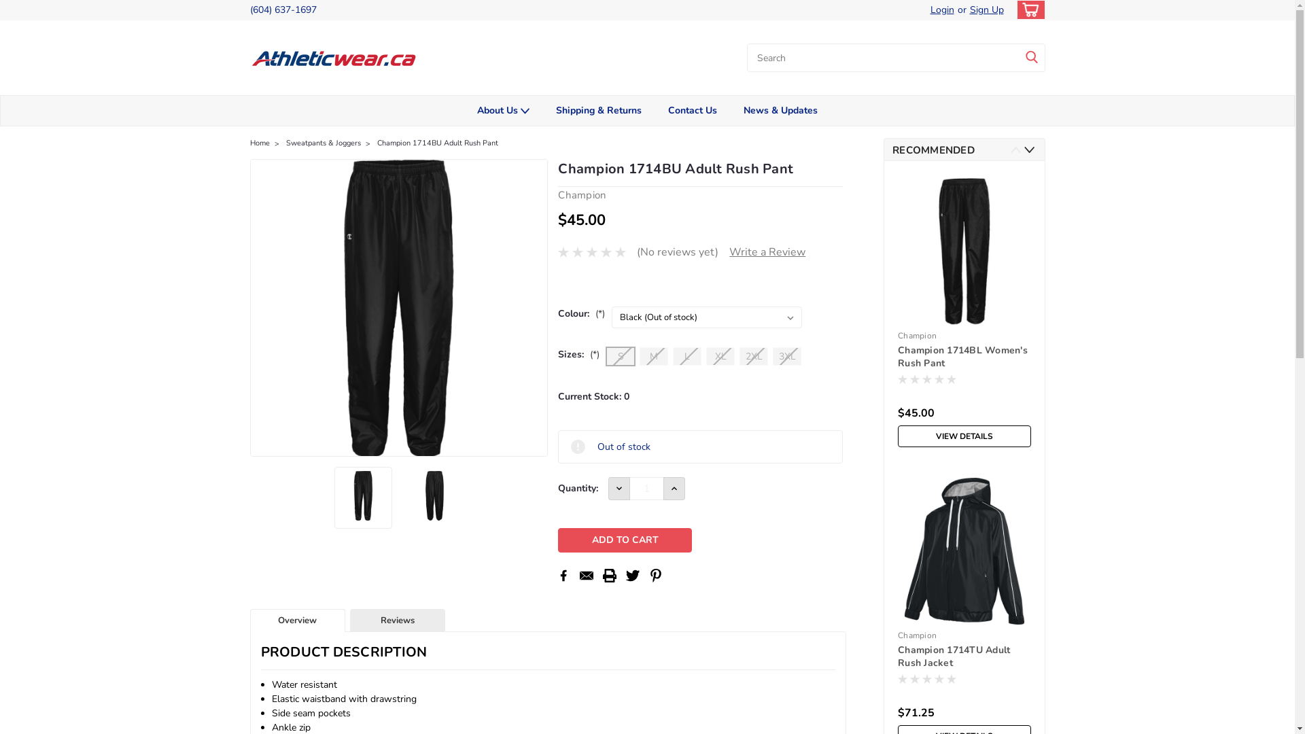 This screenshot has height=734, width=1305. What do you see at coordinates (964, 550) in the screenshot?
I see `'Black - 1714TU Adult Rush Jacket | Athleticwear.ca'` at bounding box center [964, 550].